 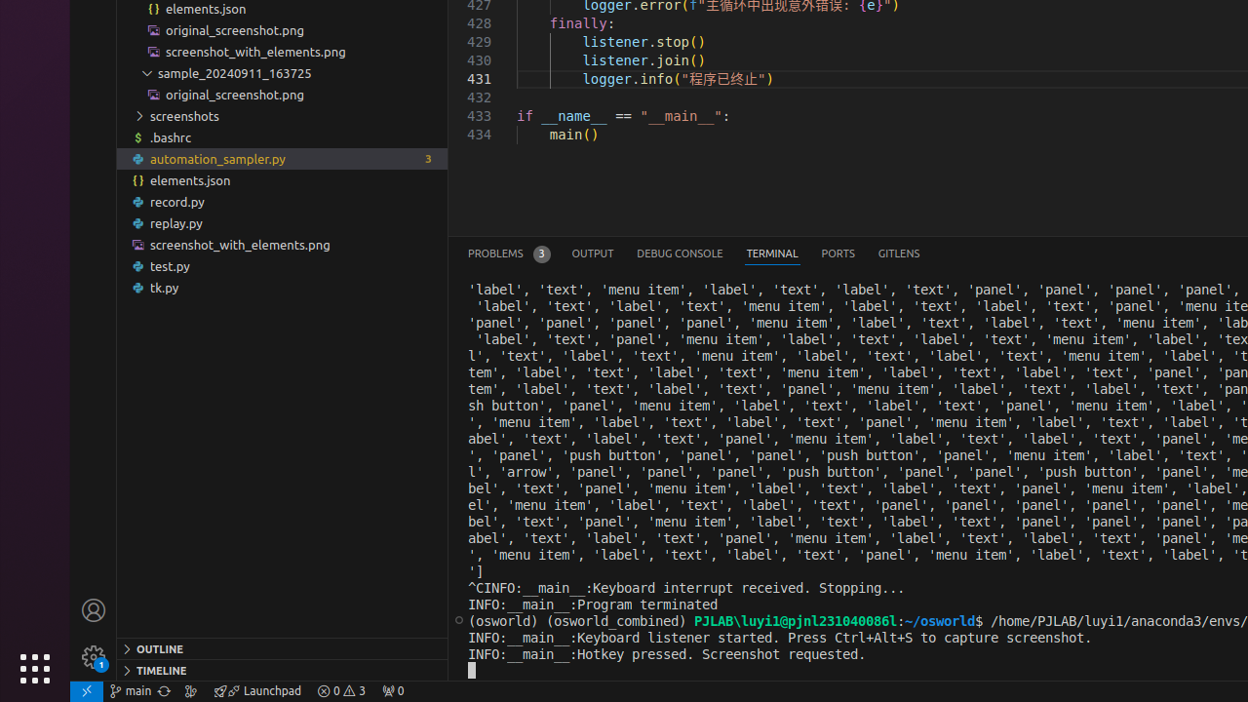 I want to click on 'record.py', so click(x=281, y=201).